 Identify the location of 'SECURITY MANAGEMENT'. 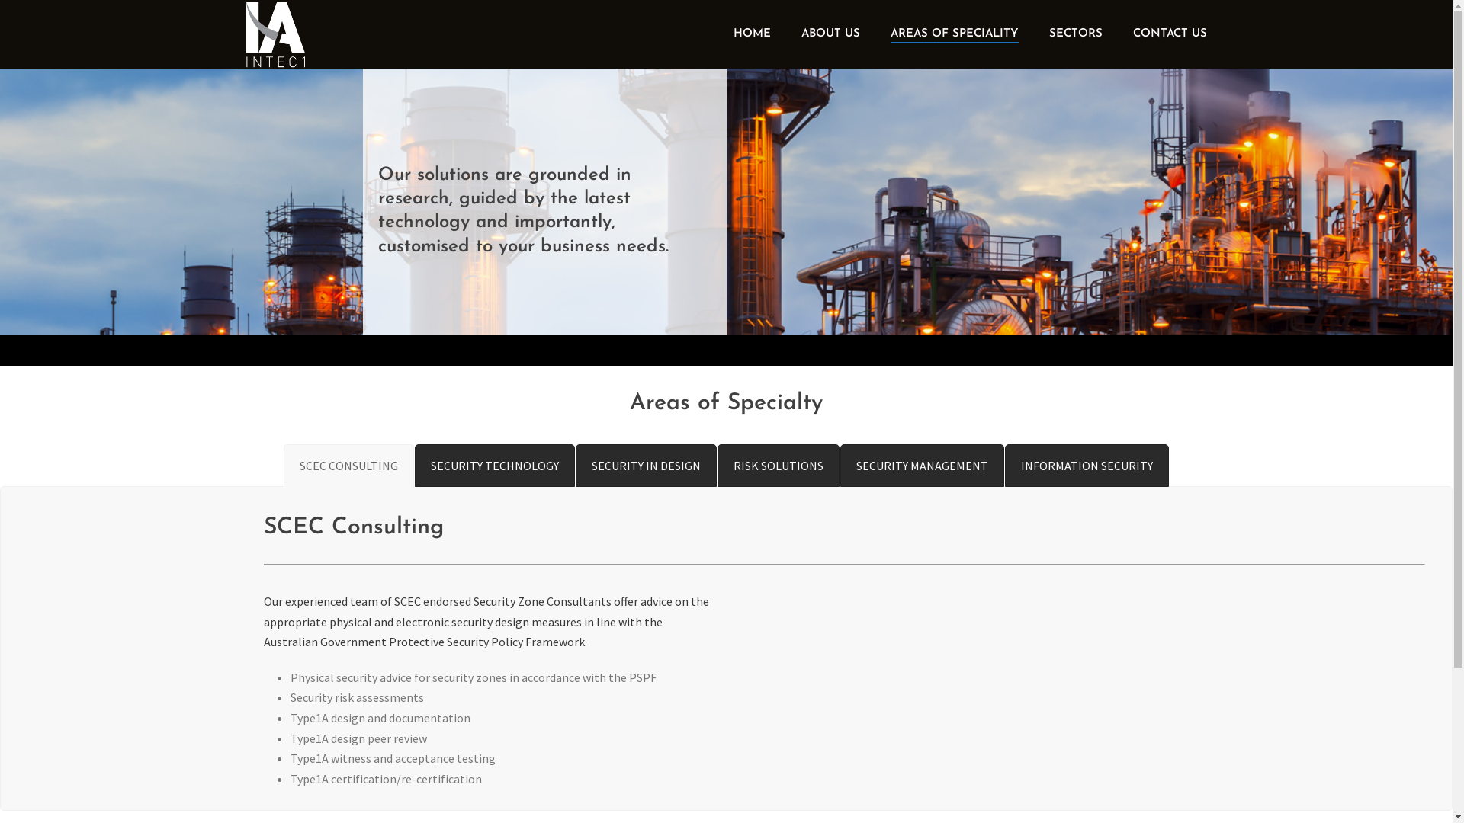
(921, 465).